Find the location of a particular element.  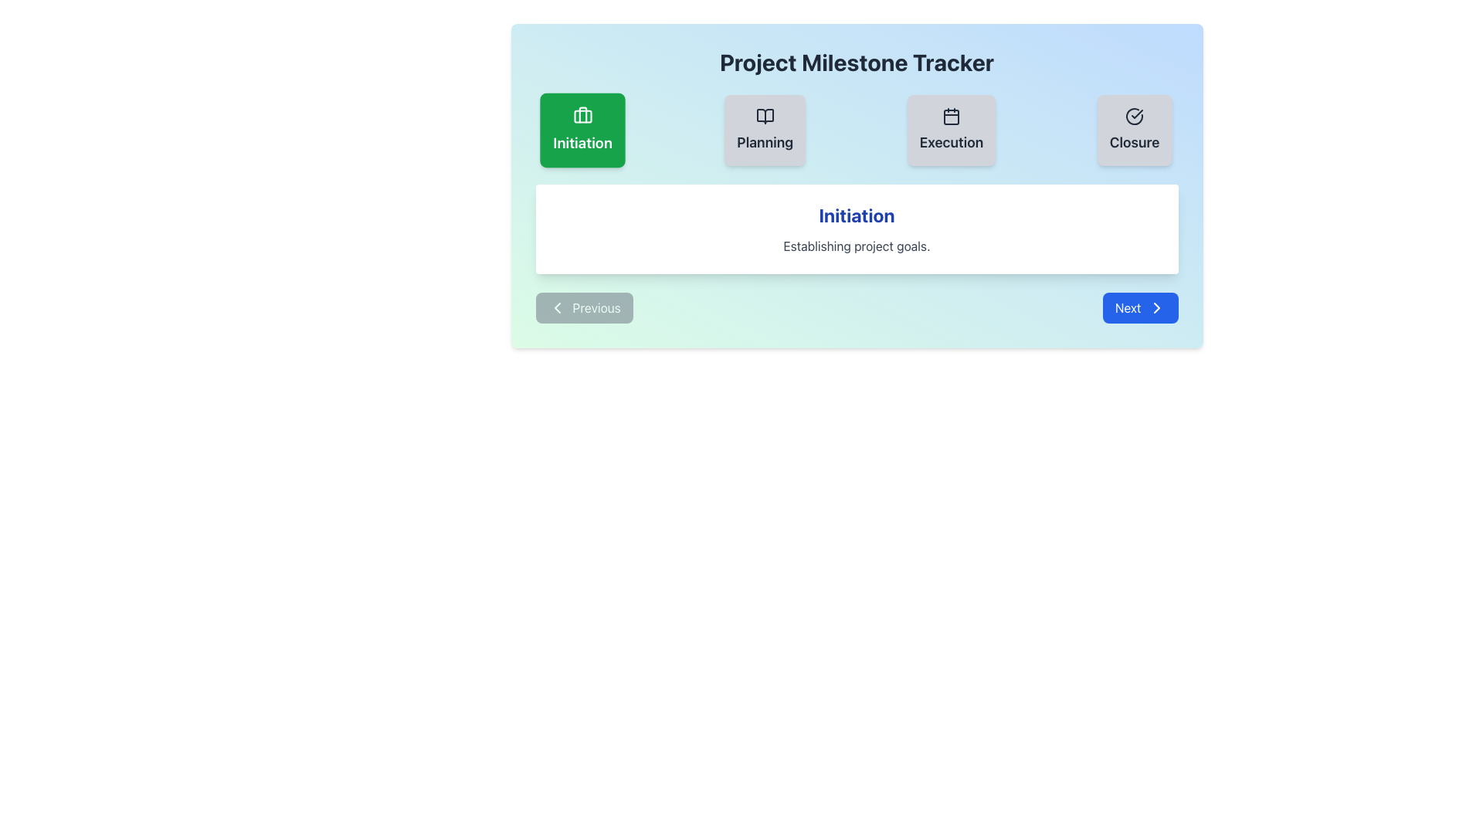

the 'Previous' button, which is a rounded rectangular button with a gray background and white text is located at coordinates (583, 307).